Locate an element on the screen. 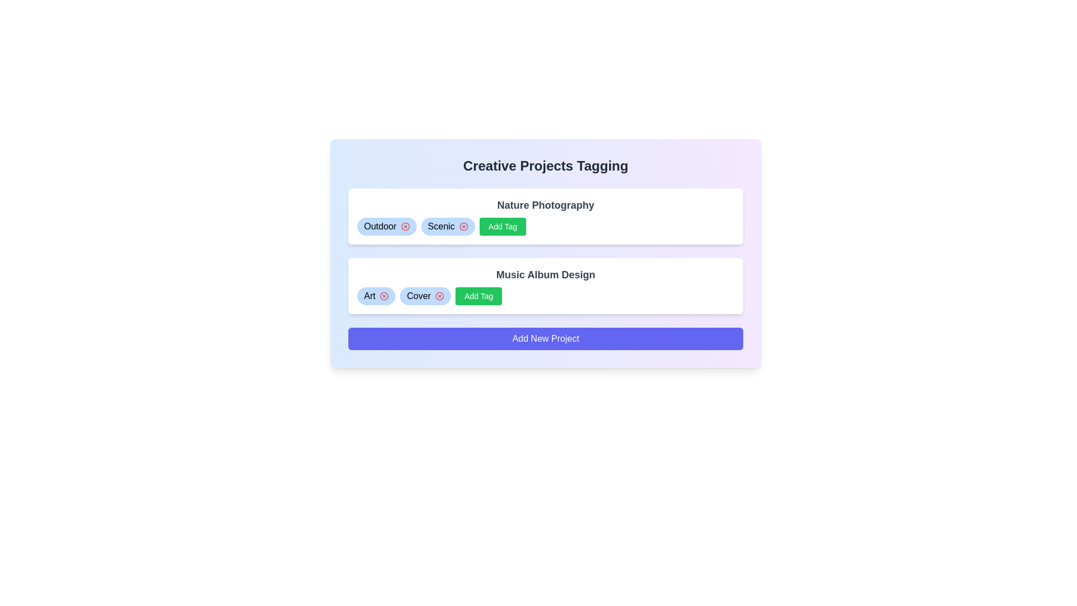 The image size is (1077, 606). the button located immediately to the right of the 'Art' and 'Cover' tag-like items is located at coordinates (478, 296).